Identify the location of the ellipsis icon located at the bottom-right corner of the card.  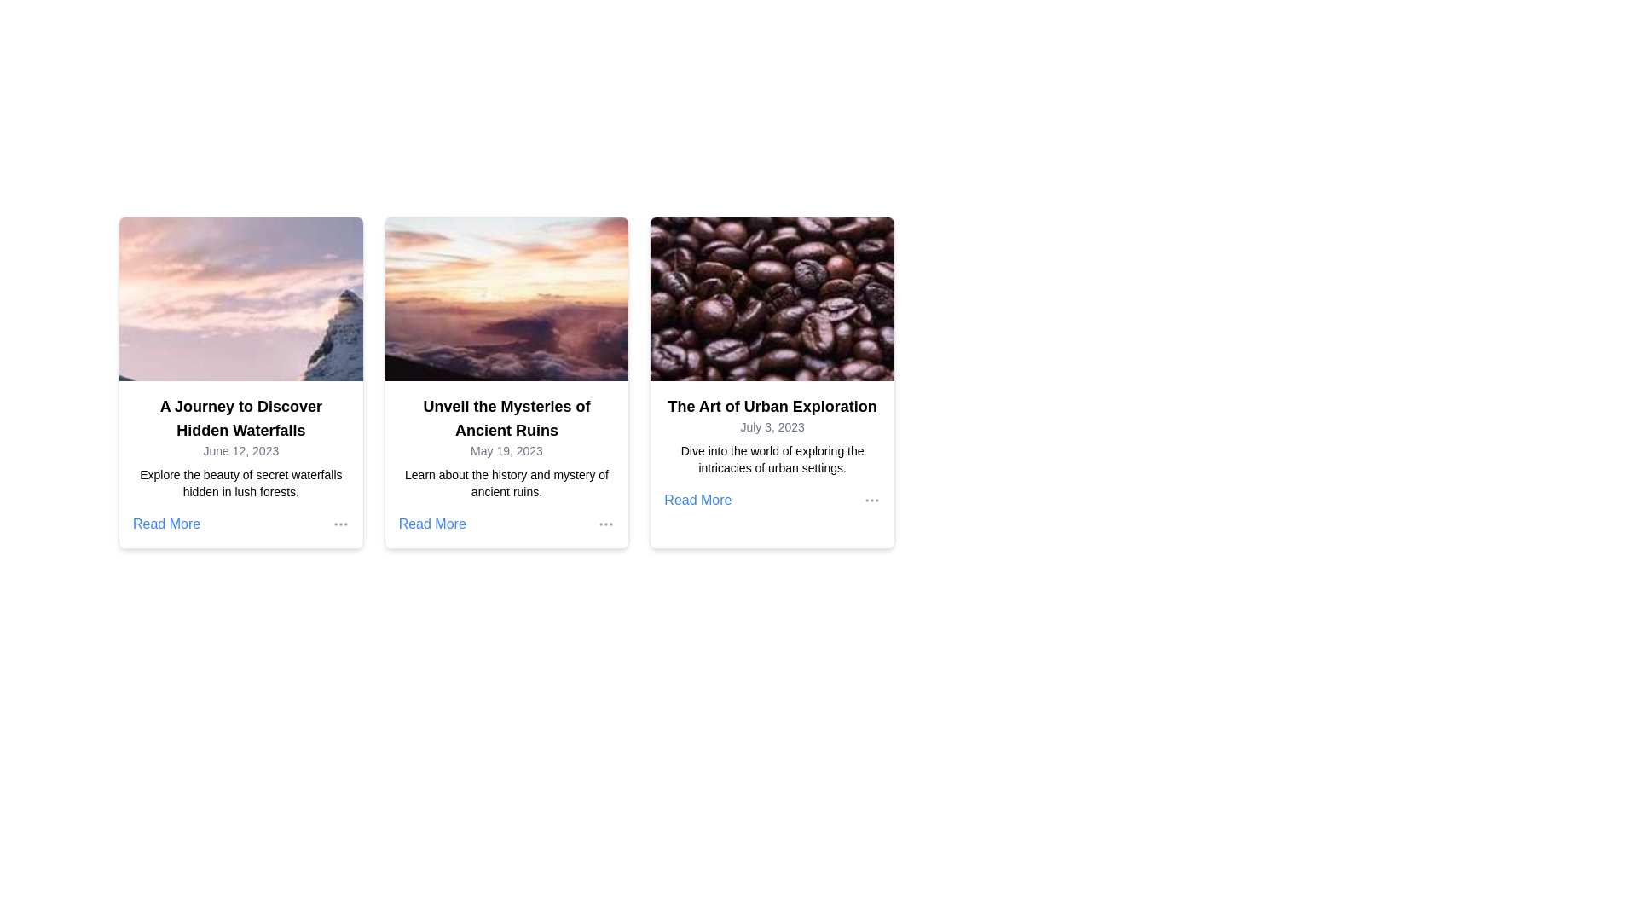
(340, 523).